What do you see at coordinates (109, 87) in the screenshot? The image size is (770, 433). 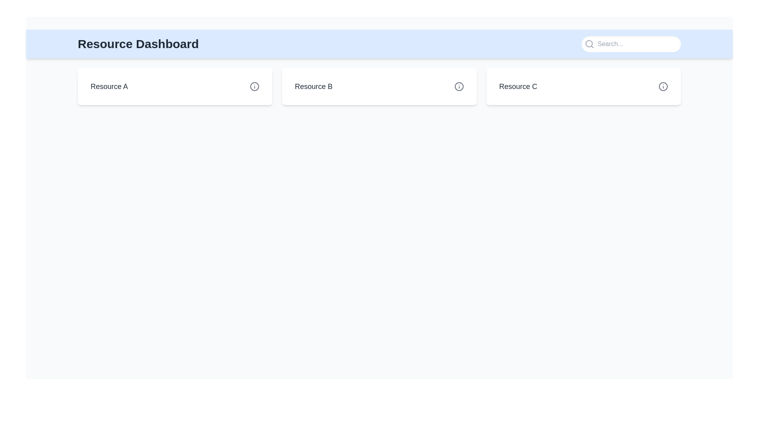 I see `the text label displaying 'Resource A', which is a bold, dark gray header located in the first card of the 'Resource Dashboard', to the left of the 'info' button` at bounding box center [109, 87].